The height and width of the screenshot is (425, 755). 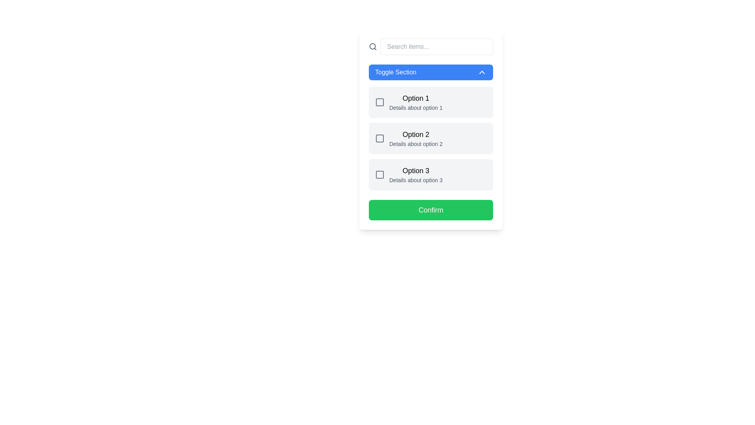 What do you see at coordinates (415, 107) in the screenshot?
I see `the static text label reading 'Details about option 1', which is styled in a smaller font and grey color, located below the 'Option 1' label` at bounding box center [415, 107].